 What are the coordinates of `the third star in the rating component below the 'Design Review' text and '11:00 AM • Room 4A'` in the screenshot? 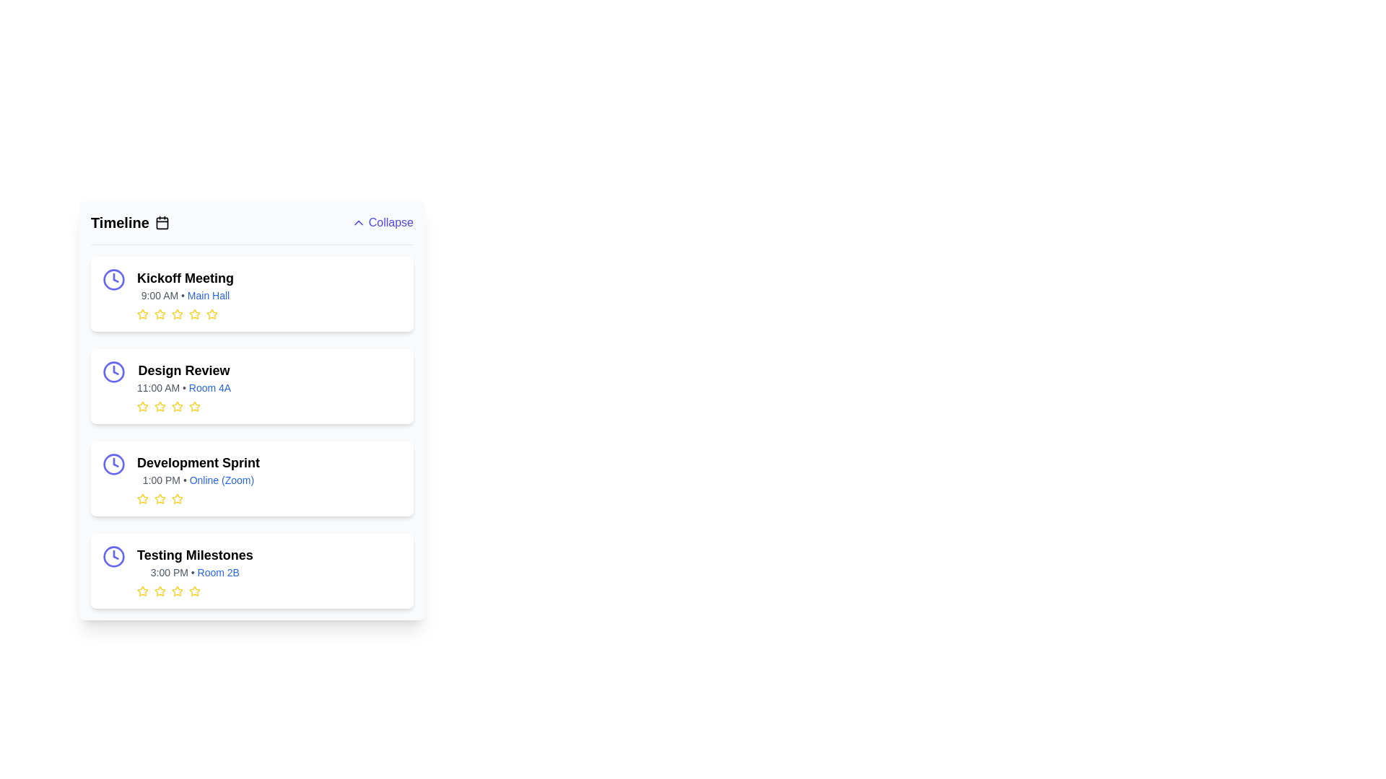 It's located at (183, 406).